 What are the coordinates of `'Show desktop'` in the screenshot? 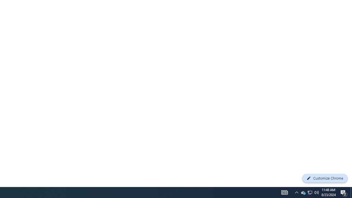 It's located at (351, 192).